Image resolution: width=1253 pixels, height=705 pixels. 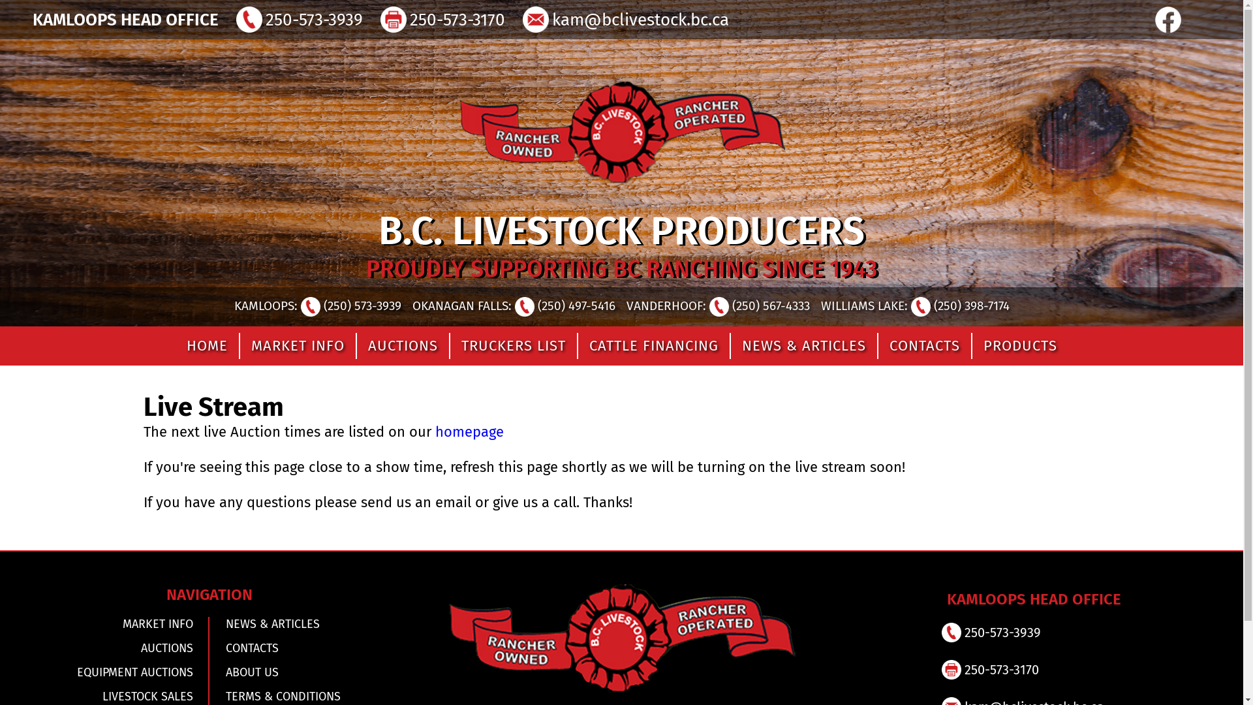 I want to click on 'CATTLE FINANCING', so click(x=653, y=345).